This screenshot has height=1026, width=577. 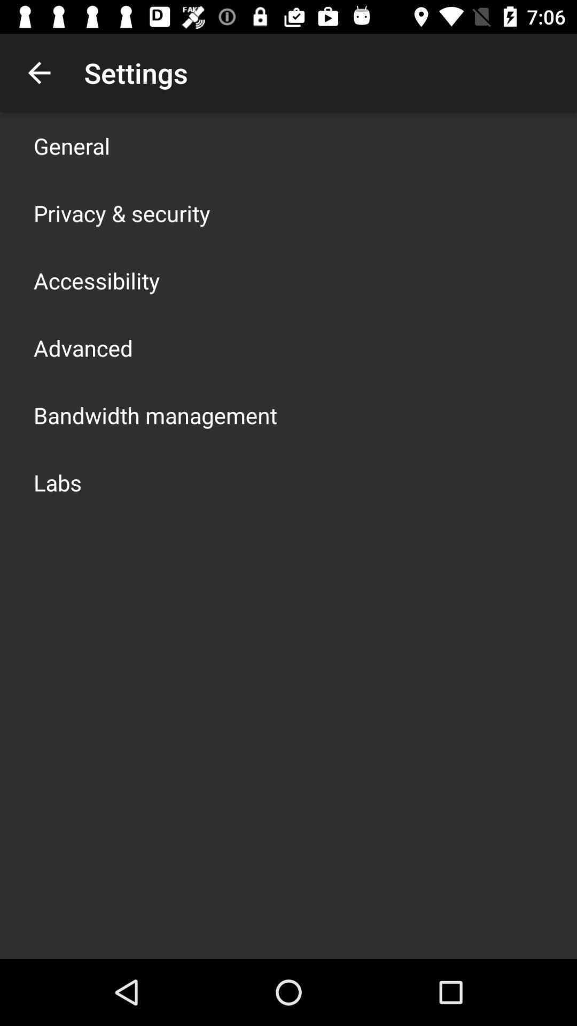 I want to click on general item, so click(x=72, y=145).